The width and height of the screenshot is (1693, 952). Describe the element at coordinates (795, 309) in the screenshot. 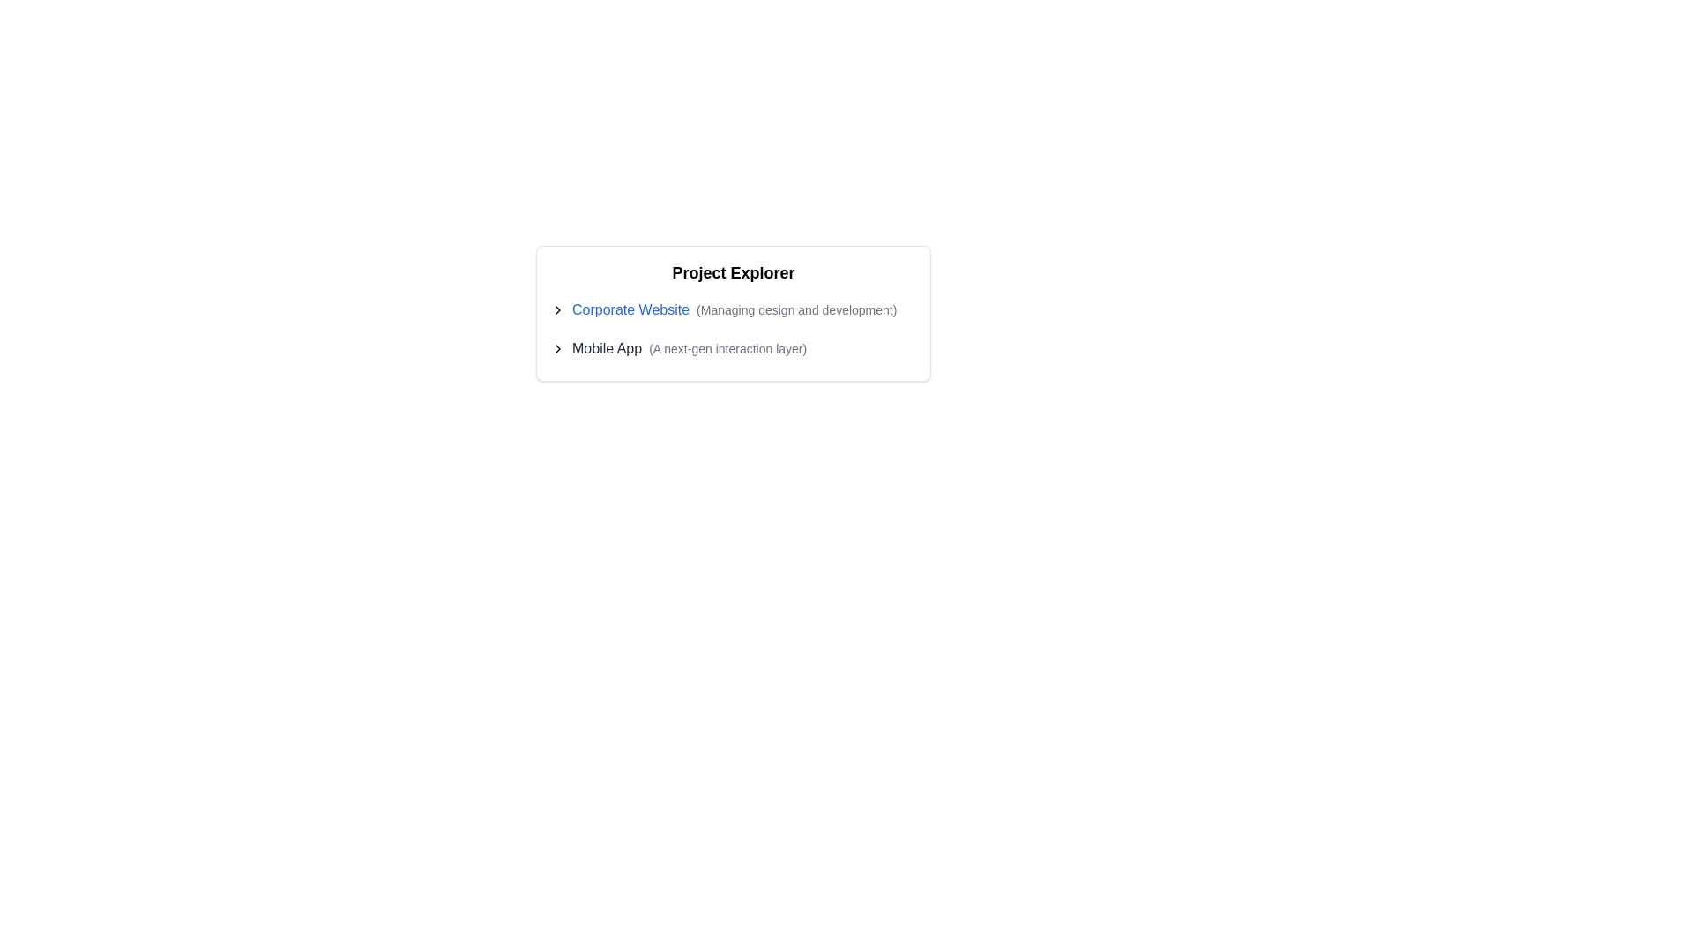

I see `the supplementary information text related to the 'Corporate Website' entry in the 'Project Explorer' section` at that location.